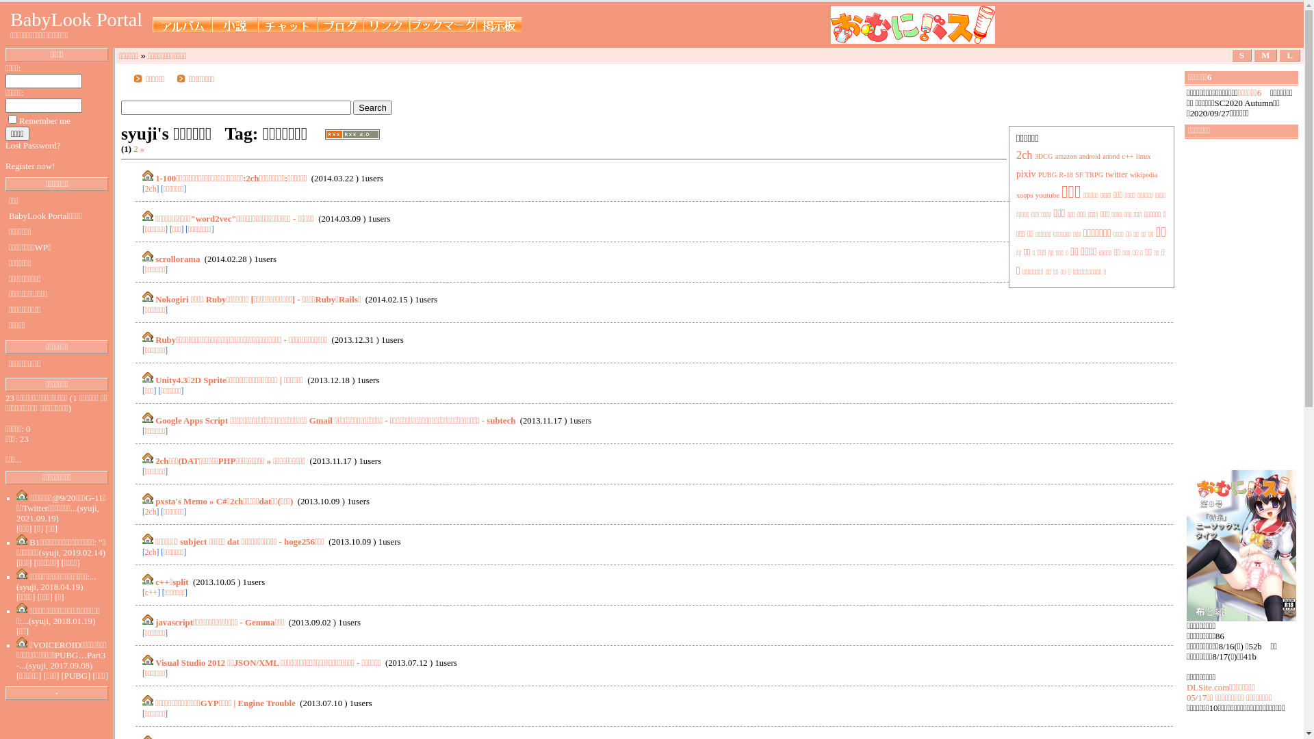 This screenshot has height=739, width=1314. I want to click on 'anond', so click(1103, 155).